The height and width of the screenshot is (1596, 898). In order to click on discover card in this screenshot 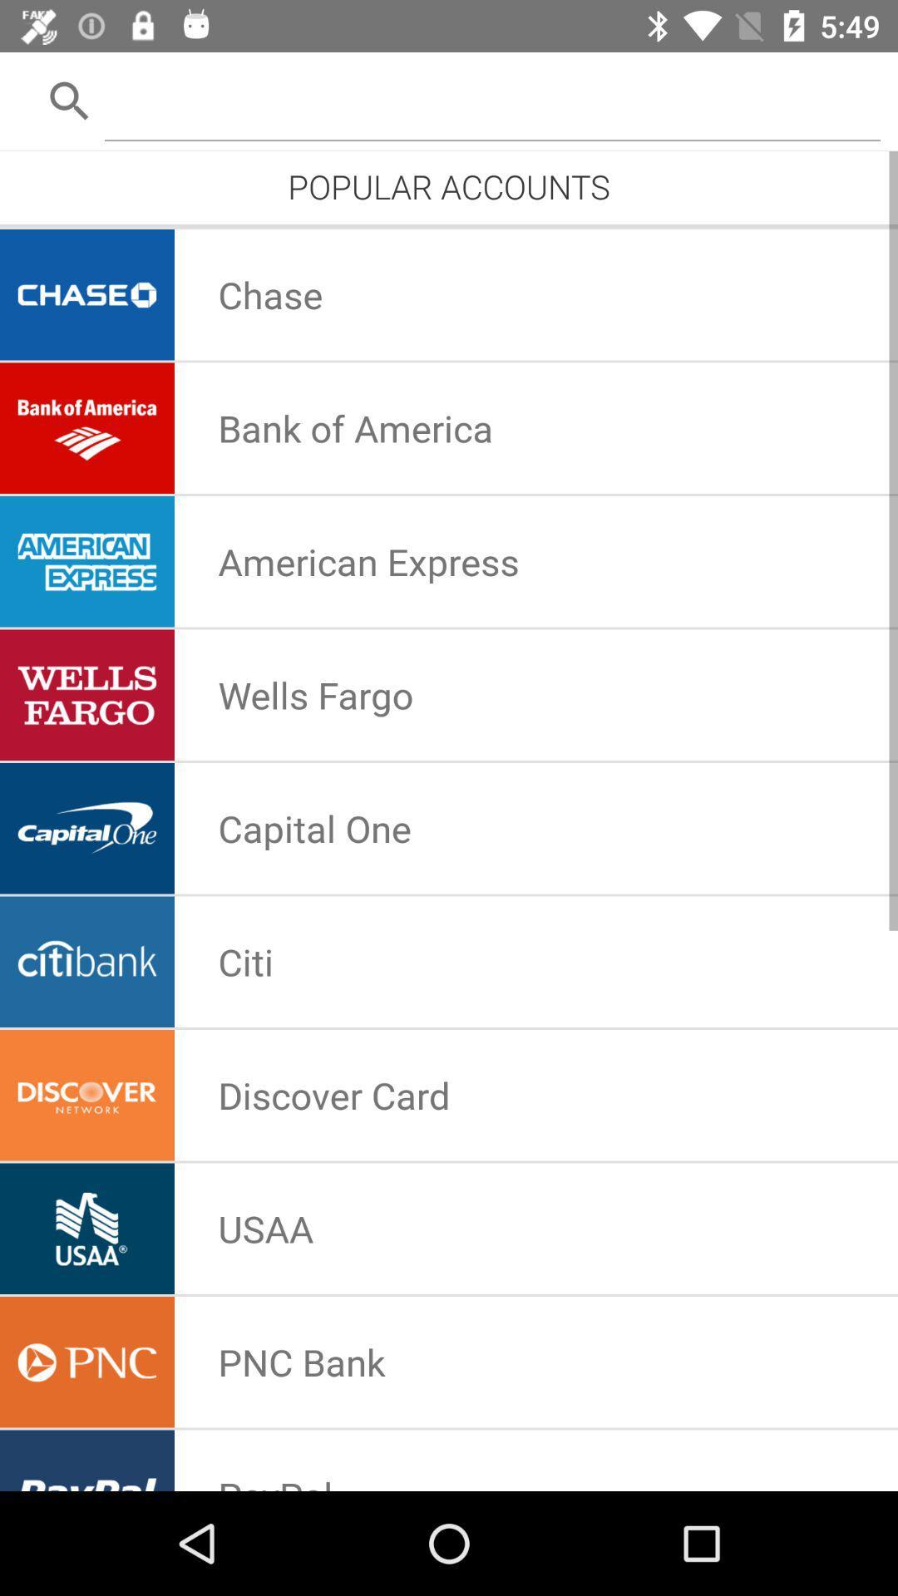, I will do `click(333, 1095)`.